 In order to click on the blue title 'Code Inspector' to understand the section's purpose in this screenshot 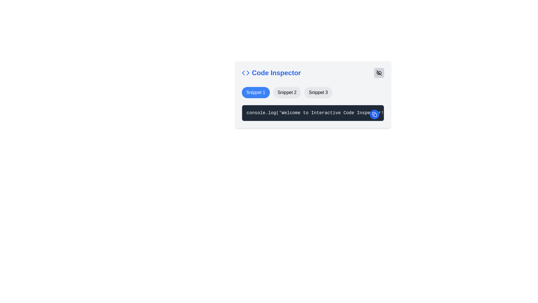, I will do `click(313, 72)`.